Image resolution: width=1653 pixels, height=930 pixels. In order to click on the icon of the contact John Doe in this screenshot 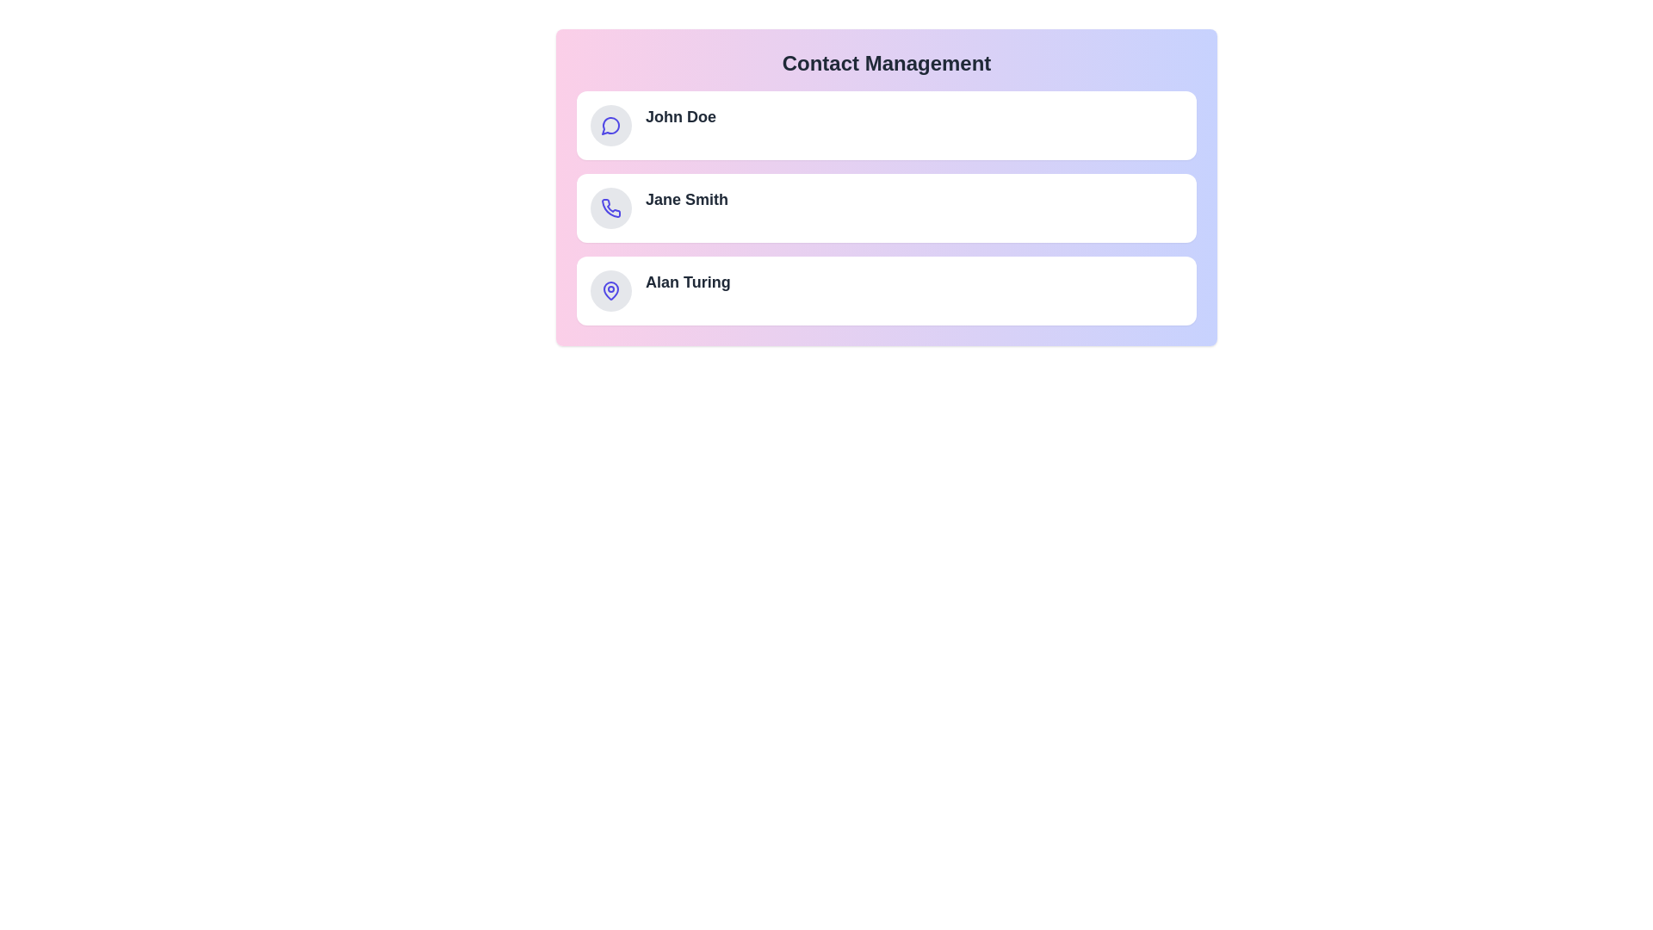, I will do `click(611, 125)`.